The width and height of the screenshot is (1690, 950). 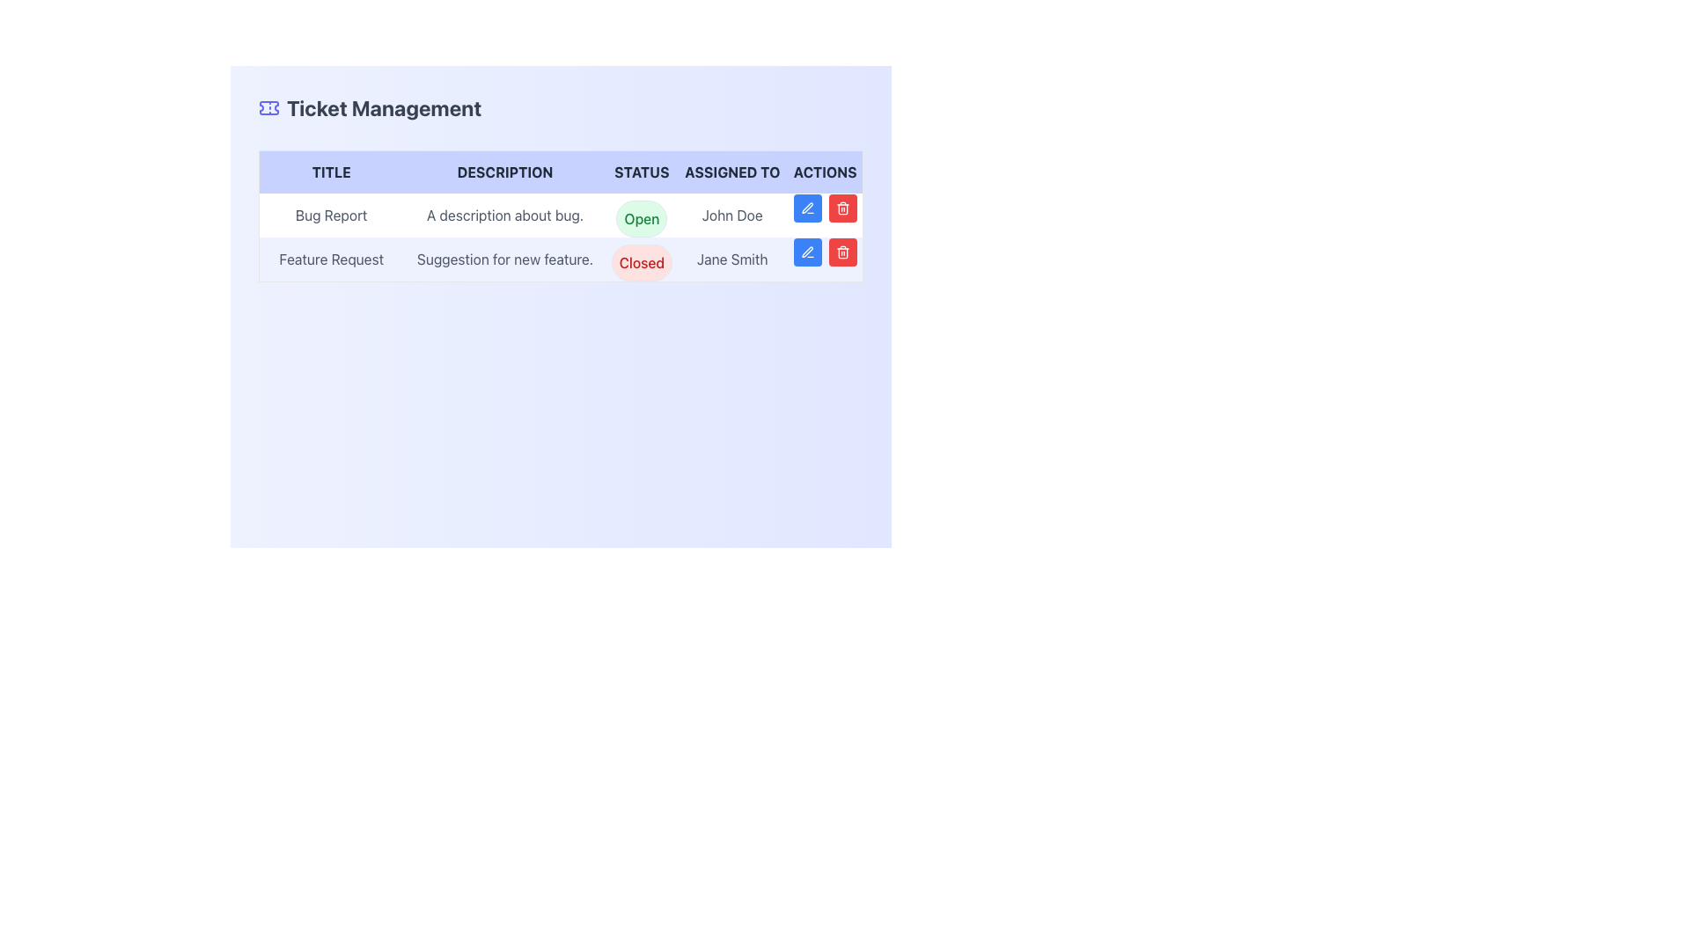 I want to click on the label displaying 'John Doe' in the 'Assigned To' column of the table layout, which is positioned in the first row and adjacent to the 'Open' status badge, so click(x=732, y=214).